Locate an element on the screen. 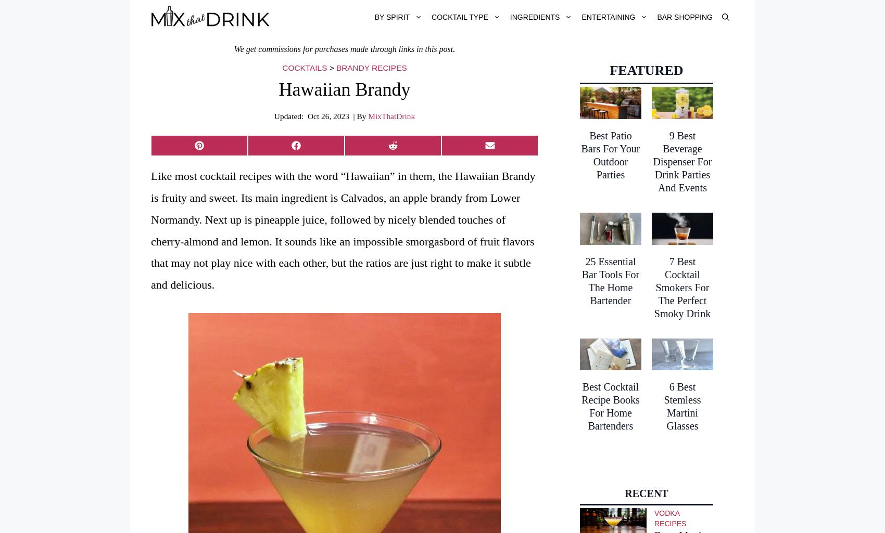  '| By' is located at coordinates (360, 116).